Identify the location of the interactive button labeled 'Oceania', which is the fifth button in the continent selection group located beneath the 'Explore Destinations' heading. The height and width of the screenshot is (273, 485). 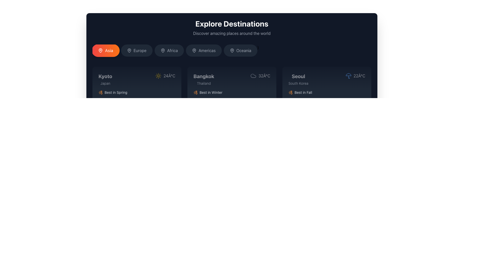
(244, 51).